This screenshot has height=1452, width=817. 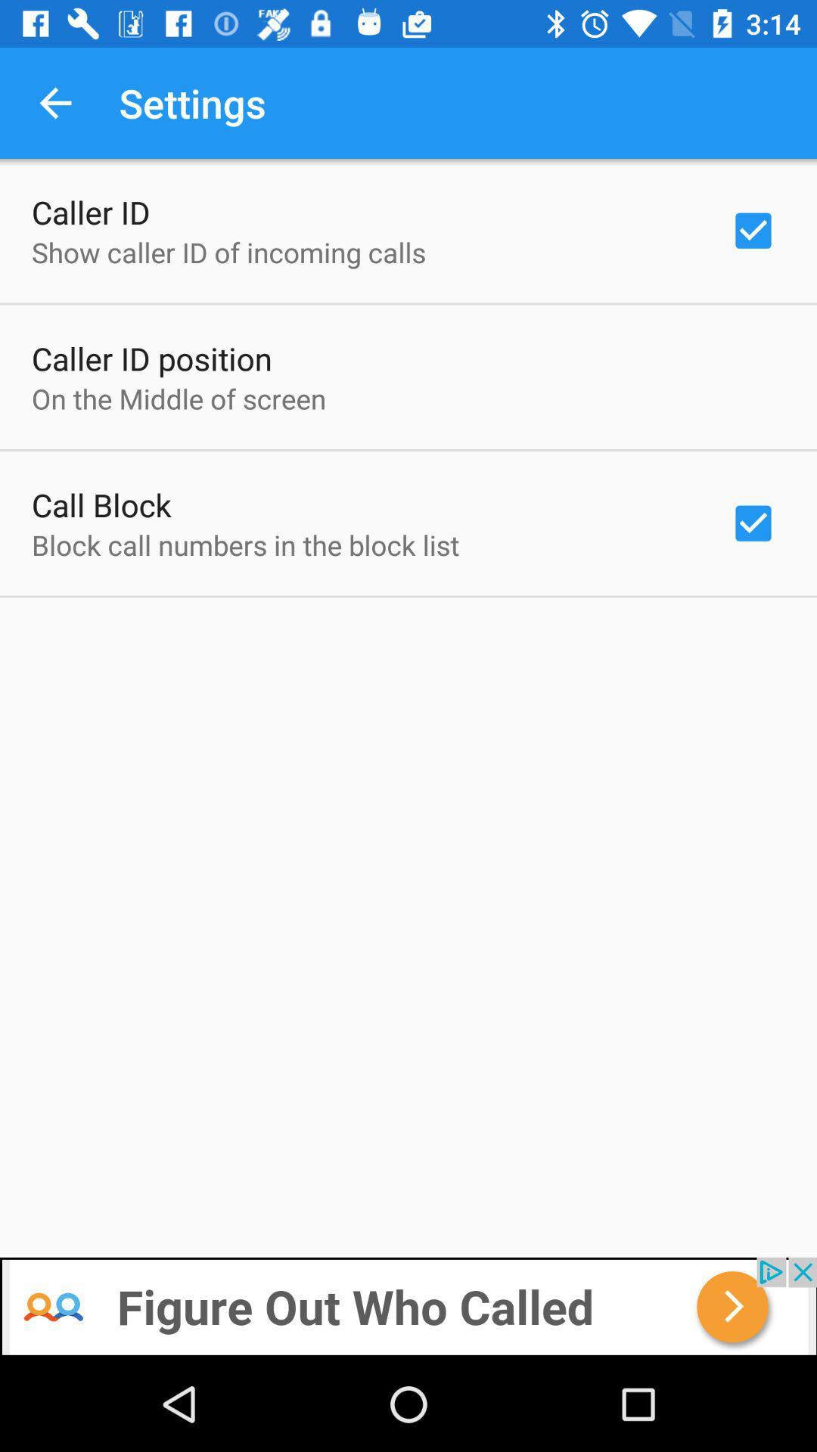 What do you see at coordinates (408, 1306) in the screenshot?
I see `the add` at bounding box center [408, 1306].